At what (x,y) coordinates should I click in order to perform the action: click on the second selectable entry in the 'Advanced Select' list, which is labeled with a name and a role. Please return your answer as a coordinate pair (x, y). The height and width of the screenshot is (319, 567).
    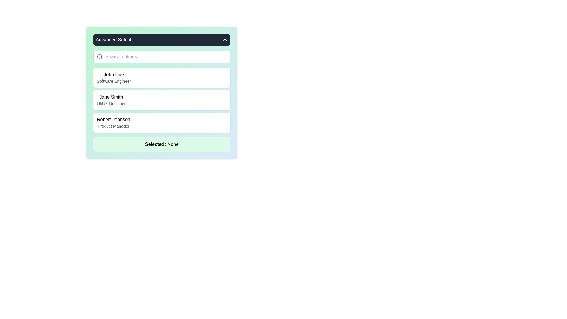
    Looking at the image, I should click on (162, 101).